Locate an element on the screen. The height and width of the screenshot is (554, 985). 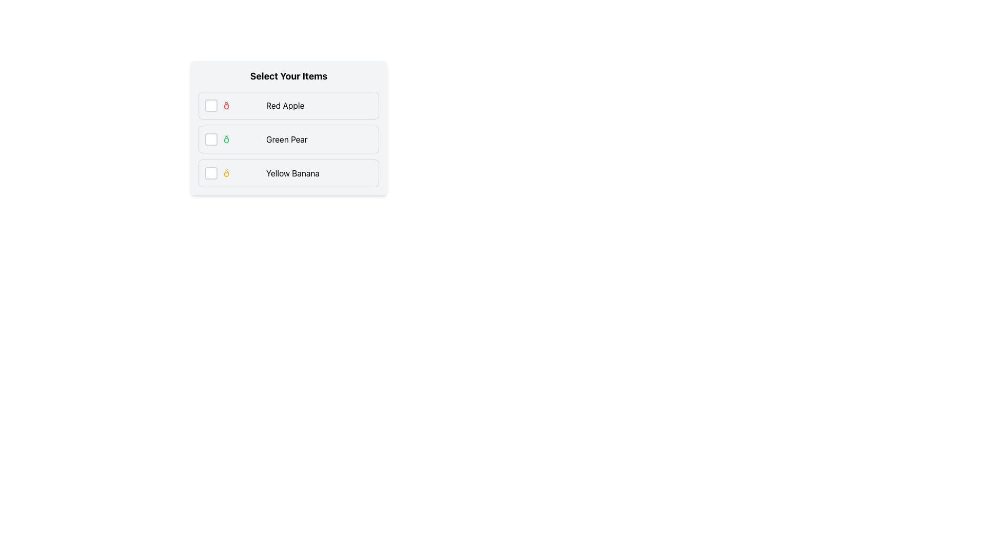
the checkbox of the 'Green Pear' item in the list is located at coordinates (288, 140).